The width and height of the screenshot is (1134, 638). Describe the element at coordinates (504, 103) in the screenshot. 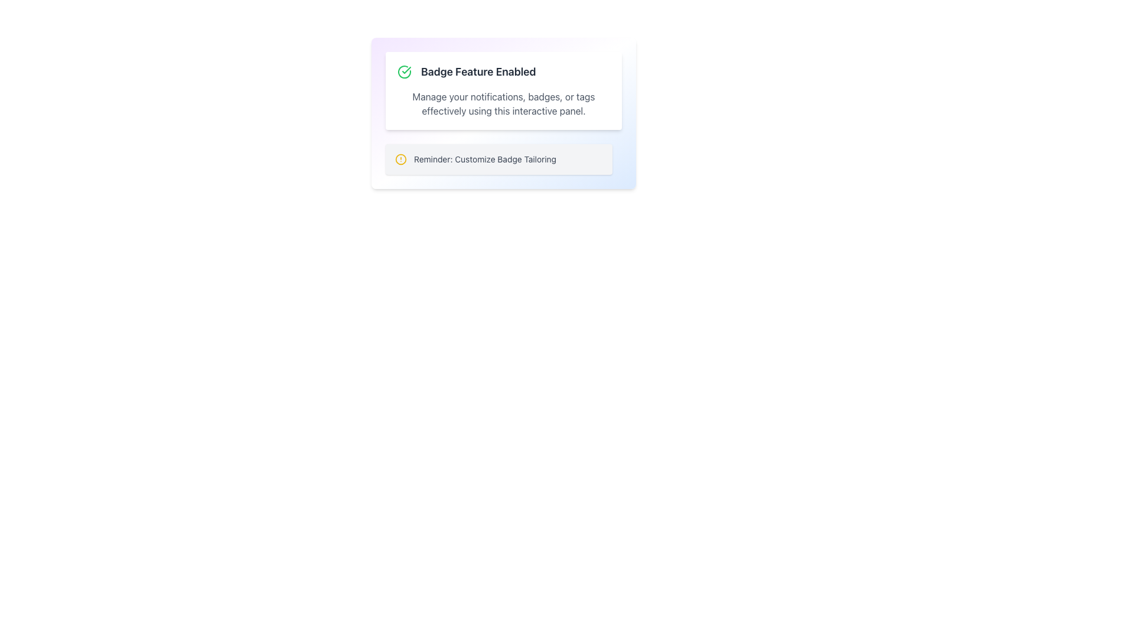

I see `the auxiliary information text block that provides instructions regarding notifications, badges, or tags, located beneath the title 'Badge Feature Enabled'` at that location.